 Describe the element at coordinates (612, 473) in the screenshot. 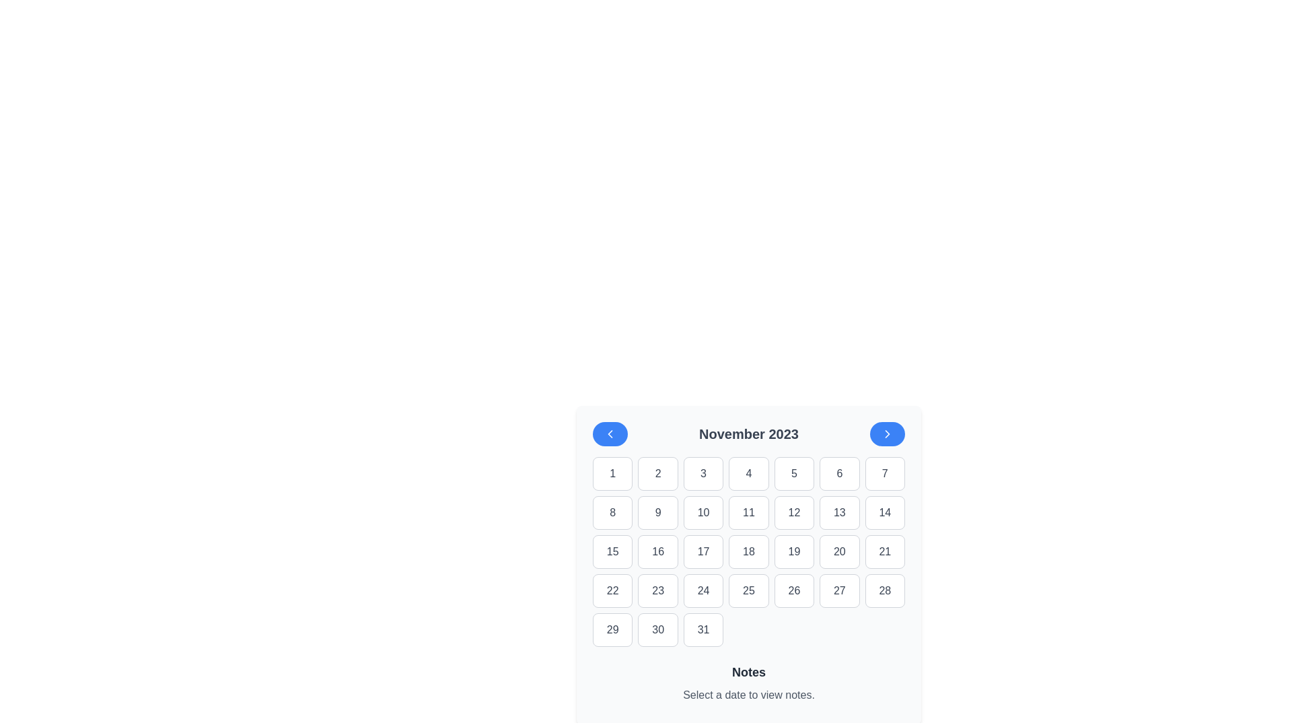

I see `the rectangular button with rounded corners containing the number '1'` at that location.